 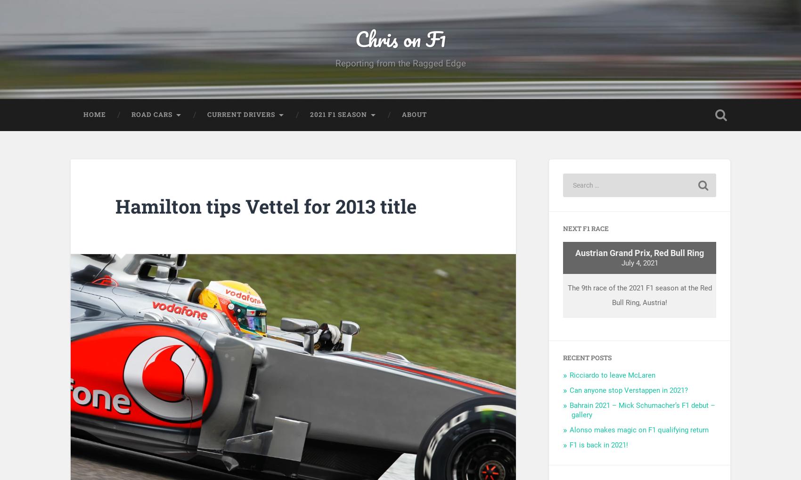 I want to click on 'Reporting from the Ragged Edge', so click(x=400, y=66).